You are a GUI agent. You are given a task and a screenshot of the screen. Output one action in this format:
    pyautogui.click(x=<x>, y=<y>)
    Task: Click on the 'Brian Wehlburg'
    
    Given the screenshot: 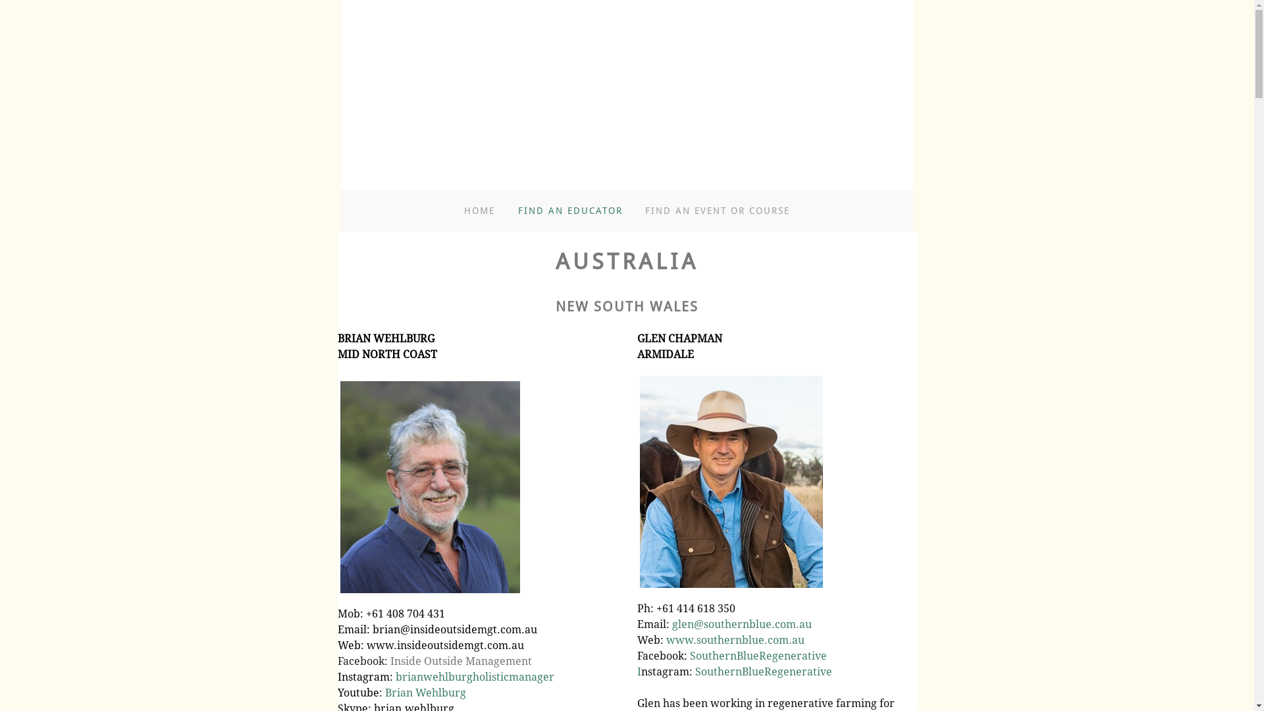 What is the action you would take?
    pyautogui.click(x=425, y=692)
    